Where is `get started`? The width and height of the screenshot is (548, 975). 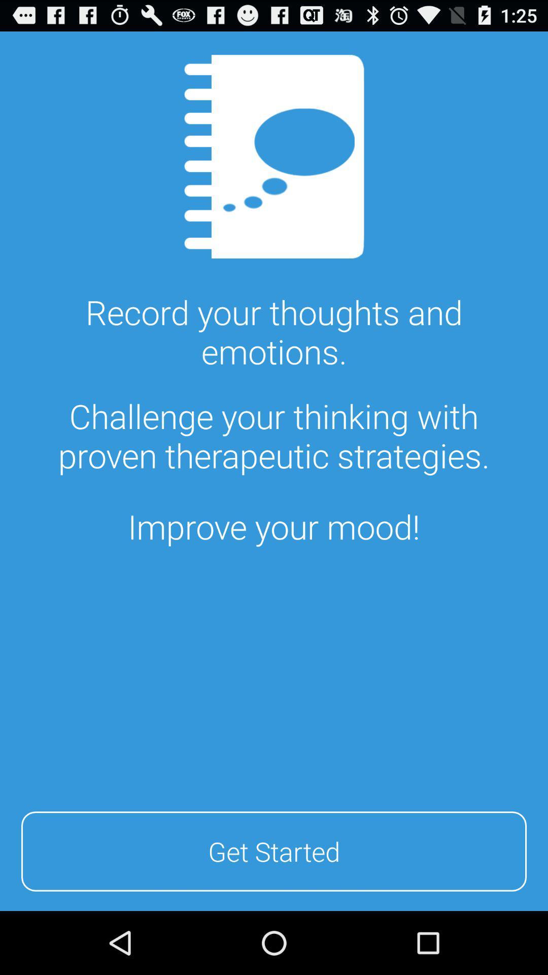 get started is located at coordinates (274, 850).